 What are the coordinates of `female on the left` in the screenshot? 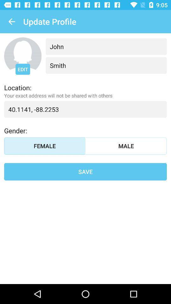 It's located at (44, 146).